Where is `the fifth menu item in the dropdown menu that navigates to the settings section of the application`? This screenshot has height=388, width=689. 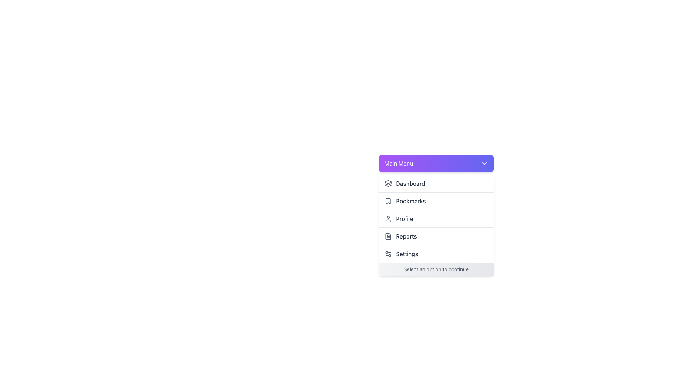 the fifth menu item in the dropdown menu that navigates to the settings section of the application is located at coordinates (436, 253).